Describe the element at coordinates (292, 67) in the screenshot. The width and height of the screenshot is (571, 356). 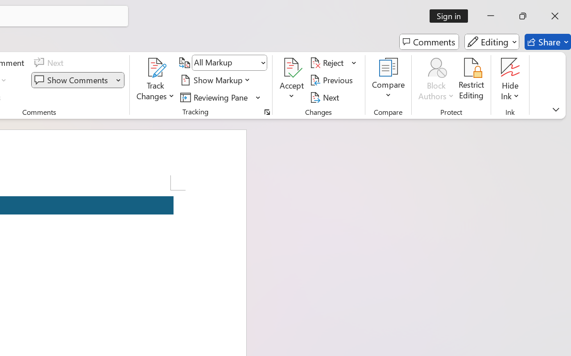
I see `'Accept and Move to Next'` at that location.